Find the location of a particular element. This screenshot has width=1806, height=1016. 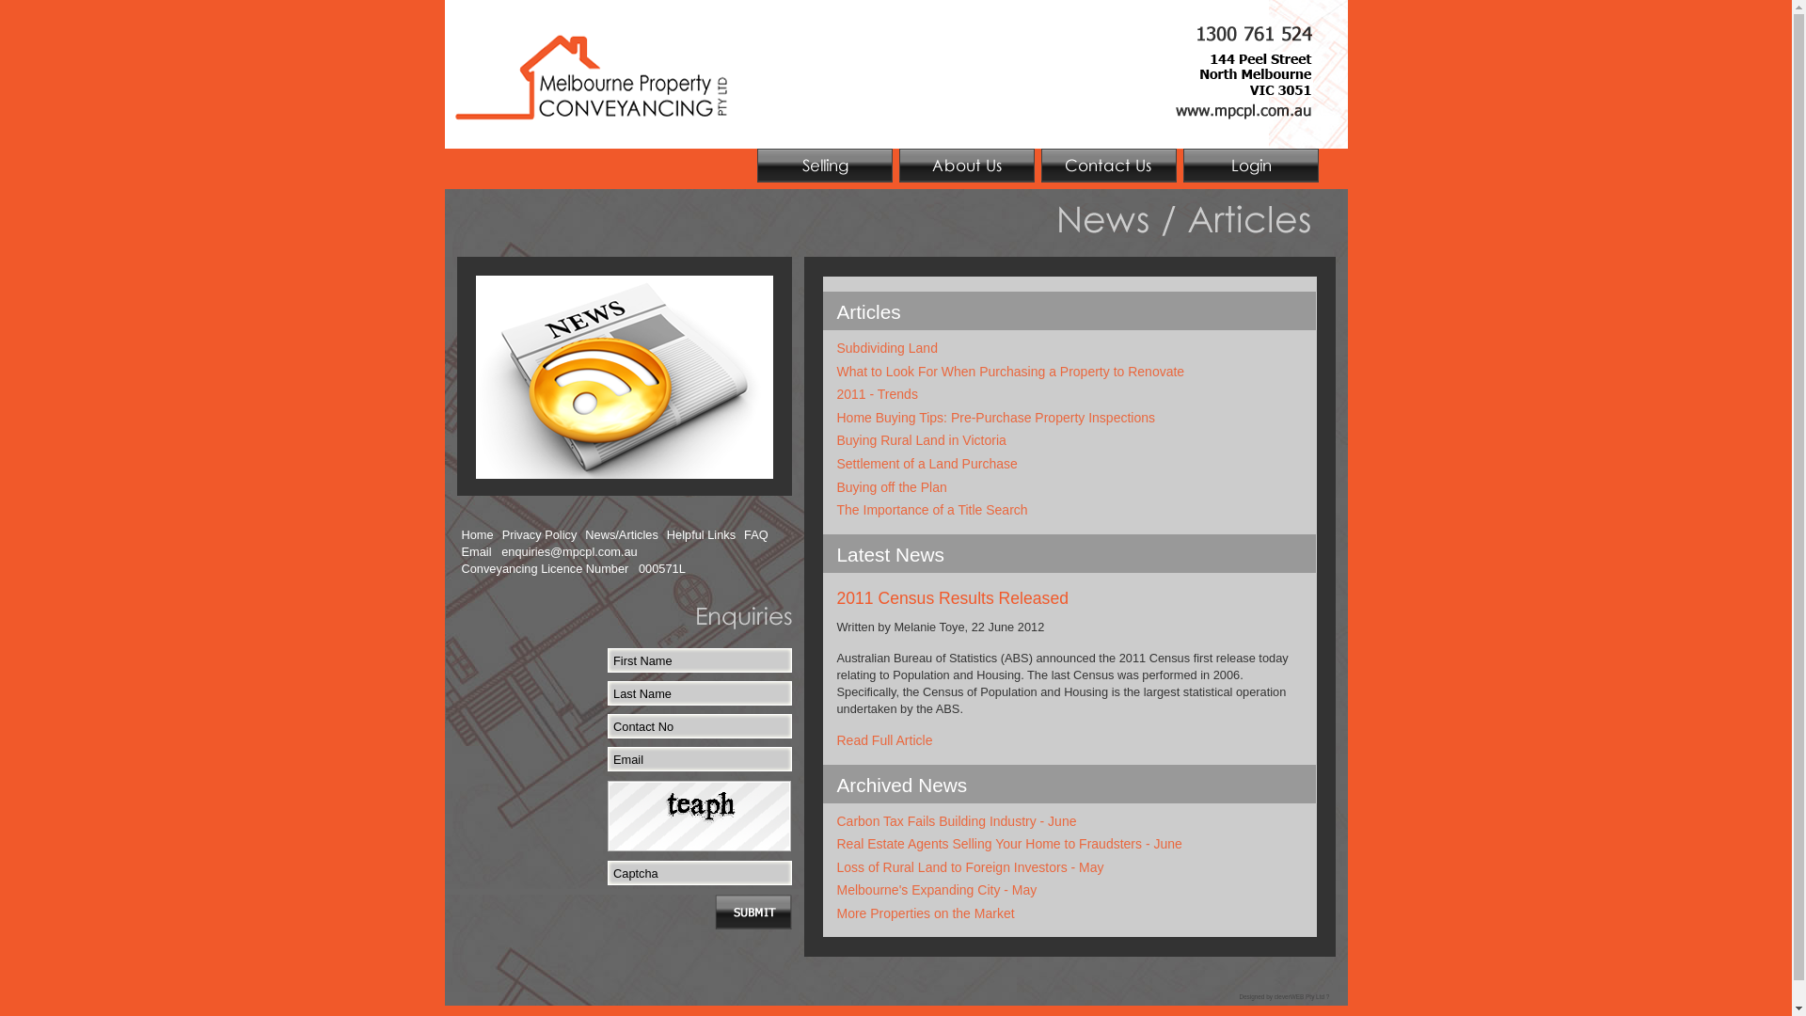

'Read Full Article' is located at coordinates (835, 738).